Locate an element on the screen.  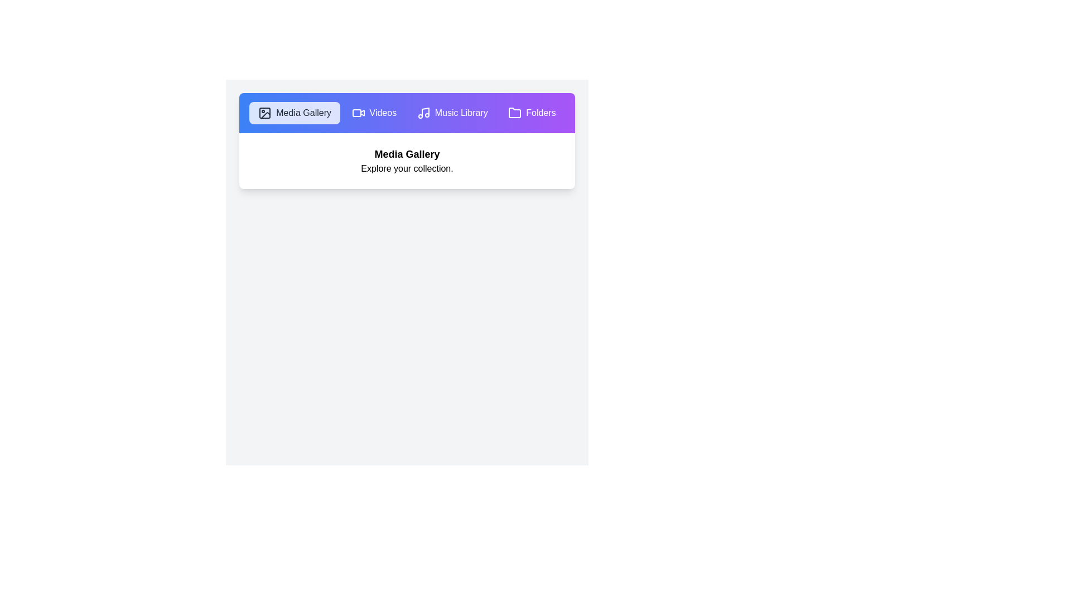
the 'Music Library' navigation button located is located at coordinates (452, 113).